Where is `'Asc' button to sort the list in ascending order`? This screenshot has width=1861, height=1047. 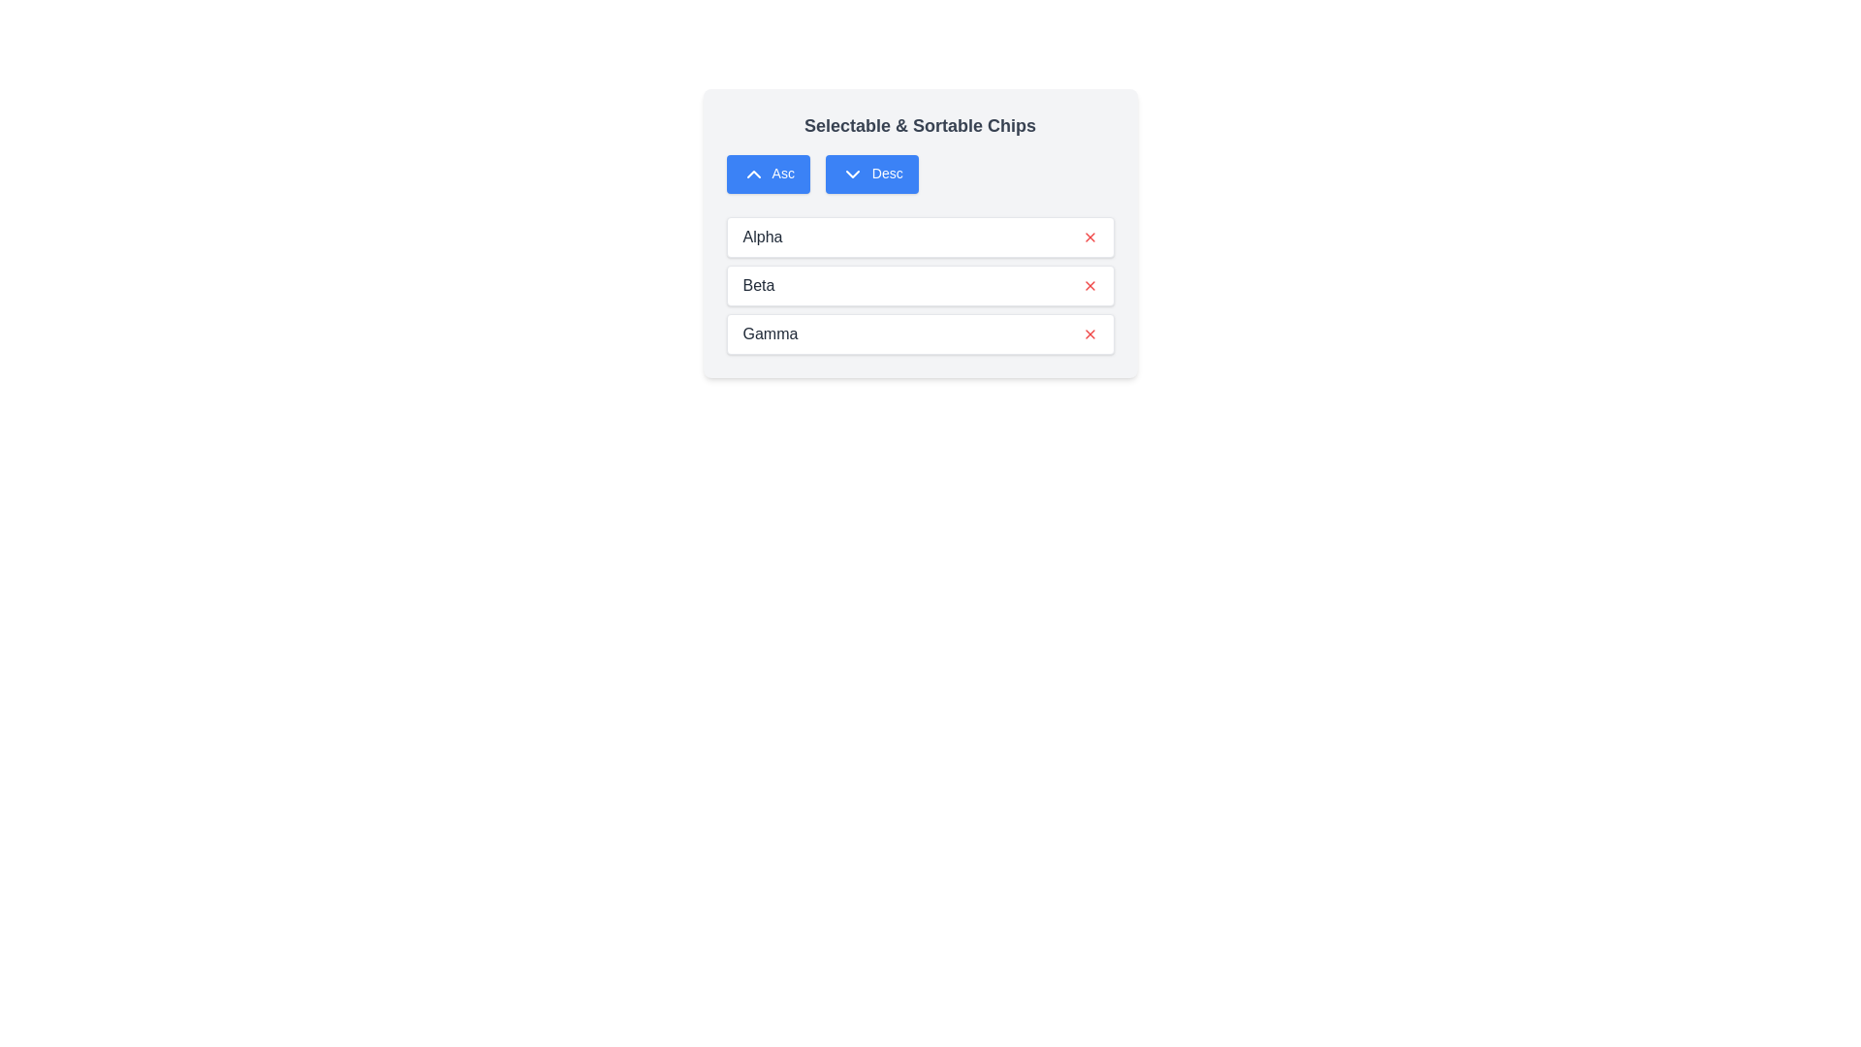 'Asc' button to sort the list in ascending order is located at coordinates (767, 174).